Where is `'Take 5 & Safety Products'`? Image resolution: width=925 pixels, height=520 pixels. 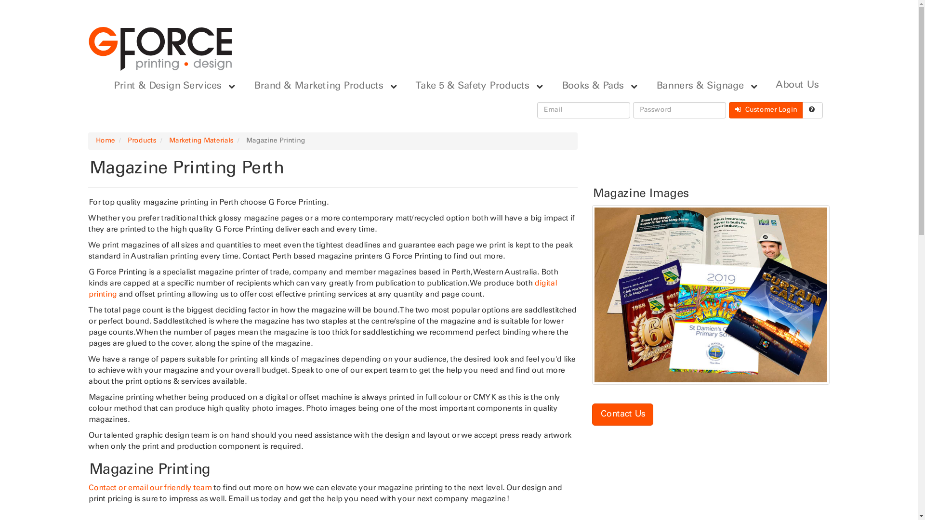 'Take 5 & Safety Products' is located at coordinates (469, 85).